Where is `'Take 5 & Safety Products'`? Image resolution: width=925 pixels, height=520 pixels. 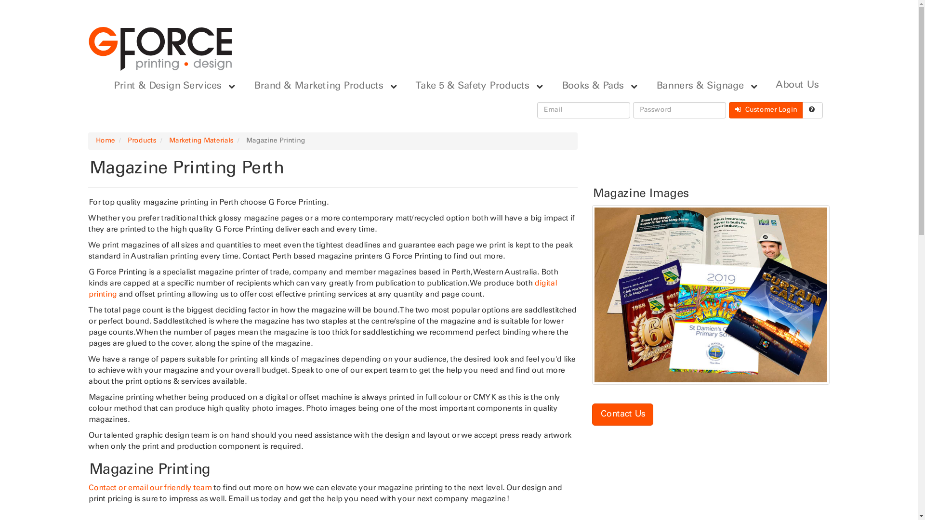 'Take 5 & Safety Products' is located at coordinates (469, 85).